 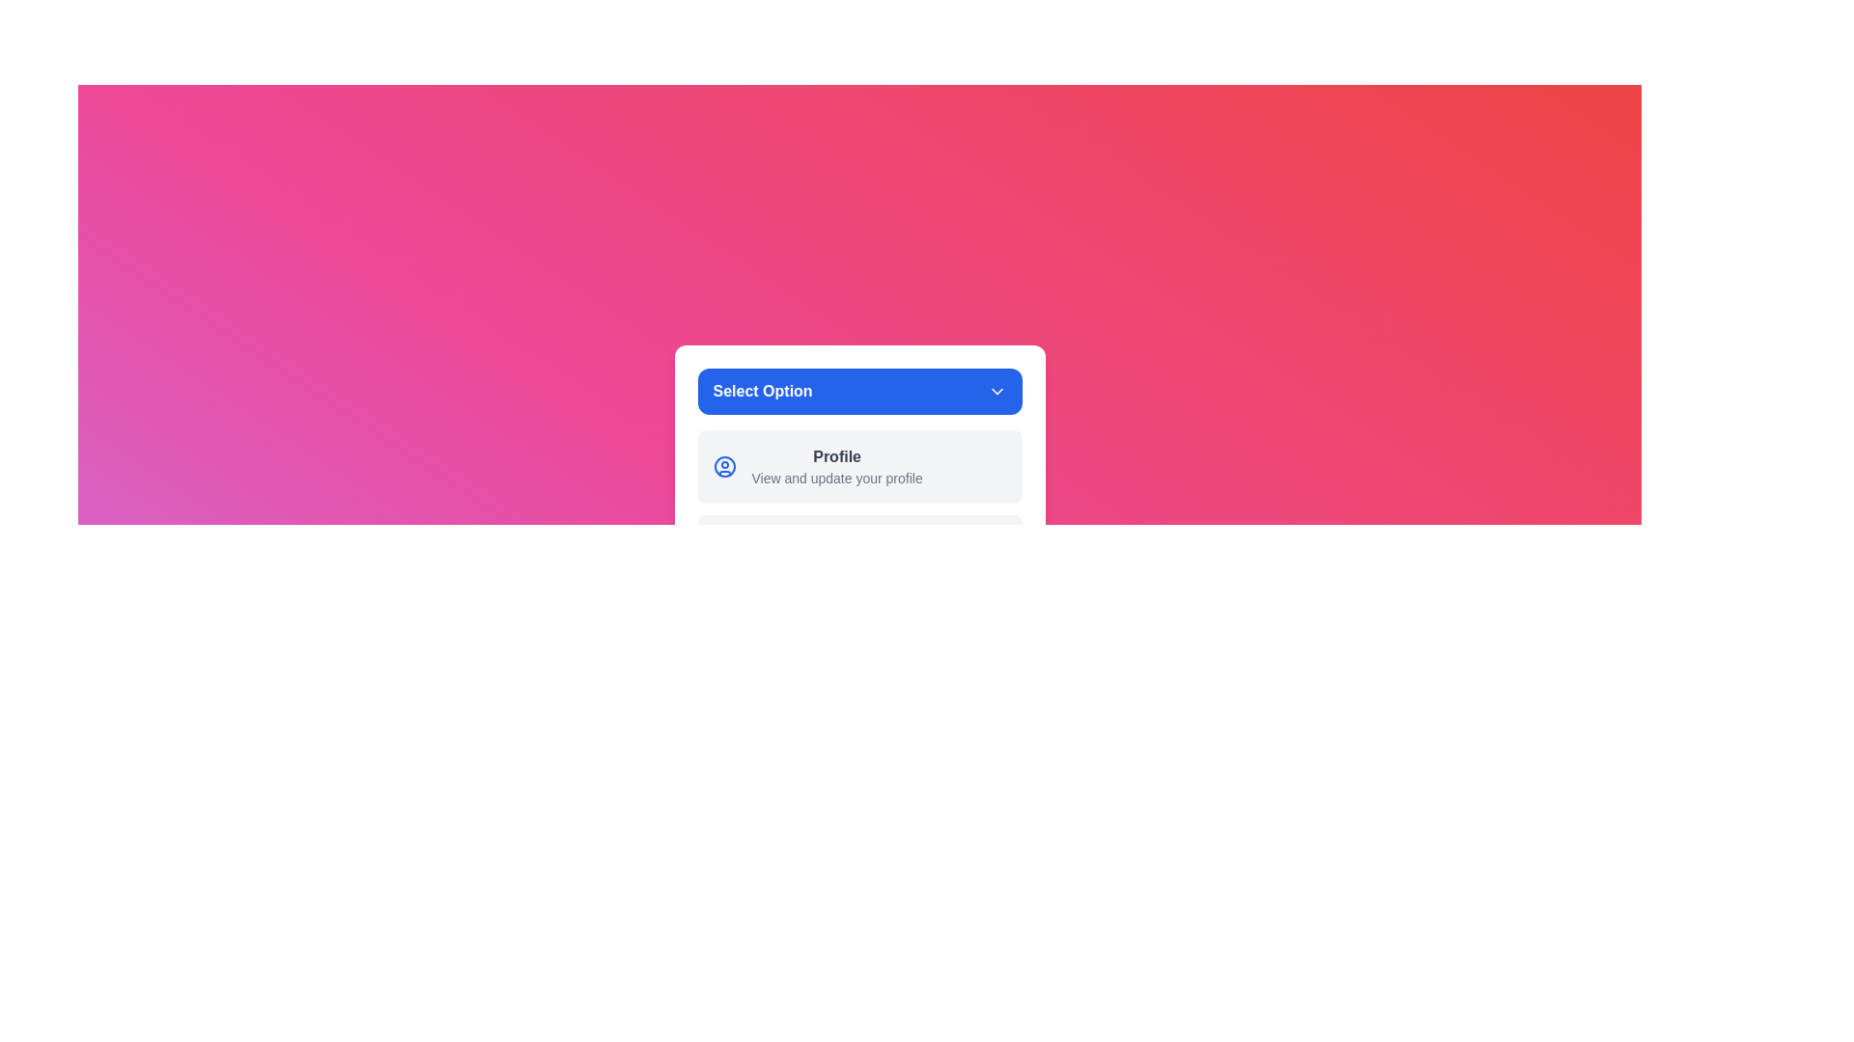 I want to click on the menu item labeled Profile to display additional information, so click(x=722, y=466).